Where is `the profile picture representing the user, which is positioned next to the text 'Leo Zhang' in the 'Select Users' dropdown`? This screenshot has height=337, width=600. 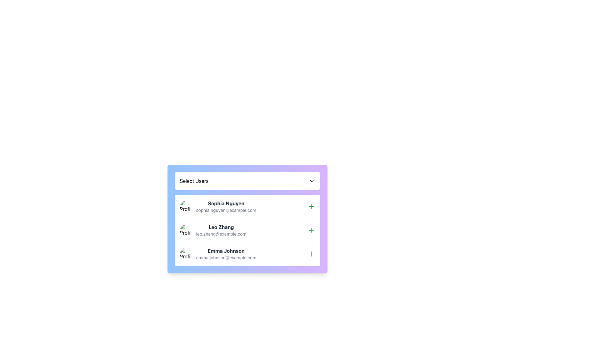 the profile picture representing the user, which is positioned next to the text 'Leo Zhang' in the 'Select Users' dropdown is located at coordinates (186, 230).